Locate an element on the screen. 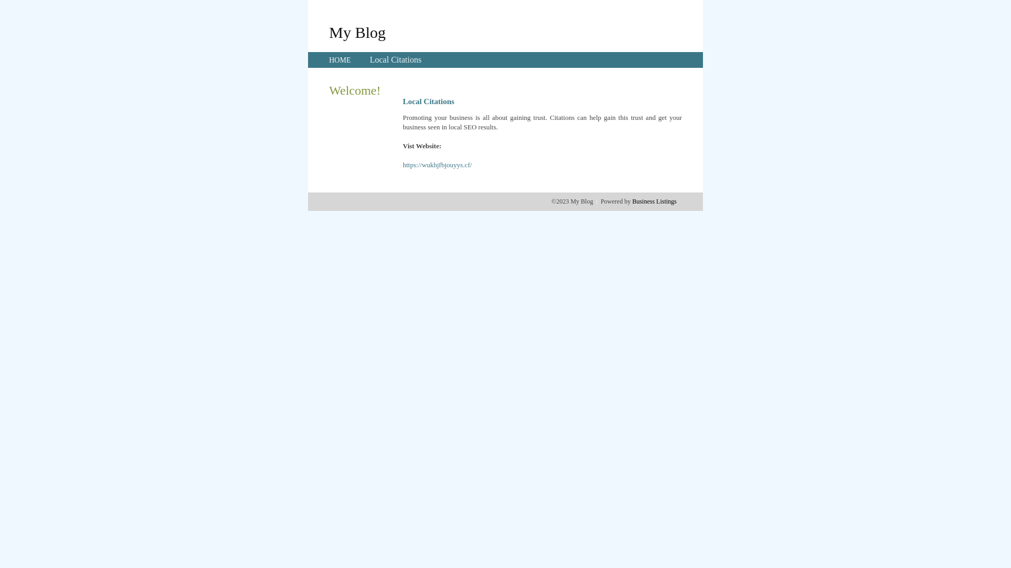 Image resolution: width=1011 pixels, height=568 pixels. 'Local Citations' is located at coordinates (394, 59).